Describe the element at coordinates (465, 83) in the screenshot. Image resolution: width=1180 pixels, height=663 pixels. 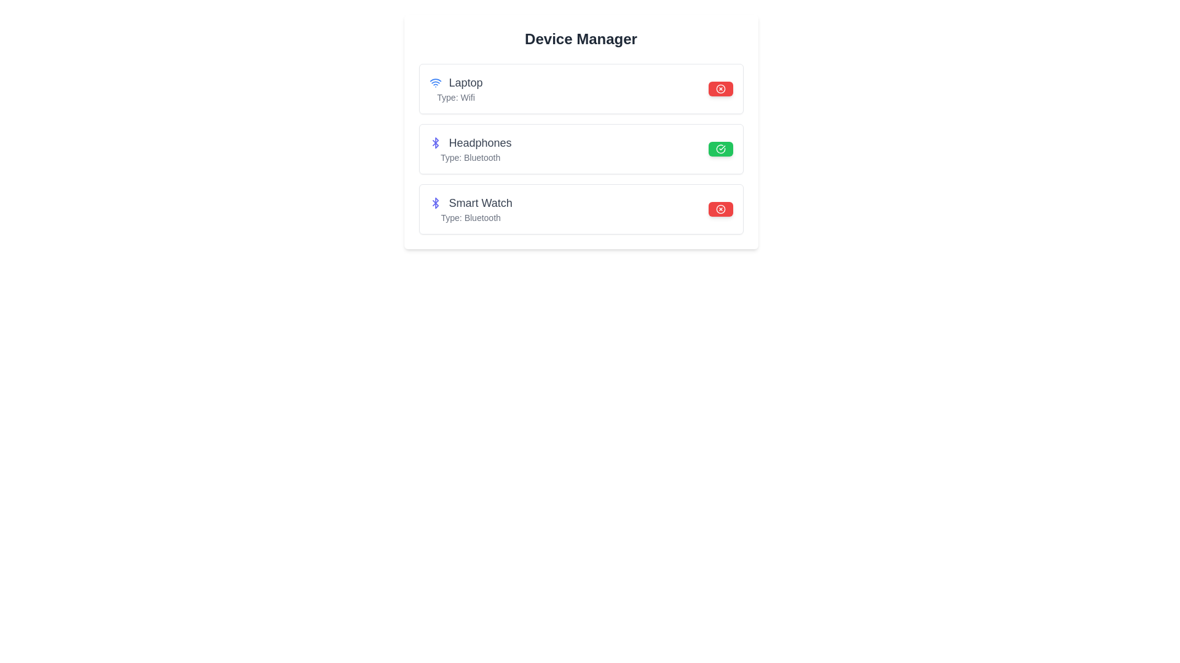
I see `text label that identifies the device type or name located next to the blue WiFi icon in the top-left section of the interface` at that location.